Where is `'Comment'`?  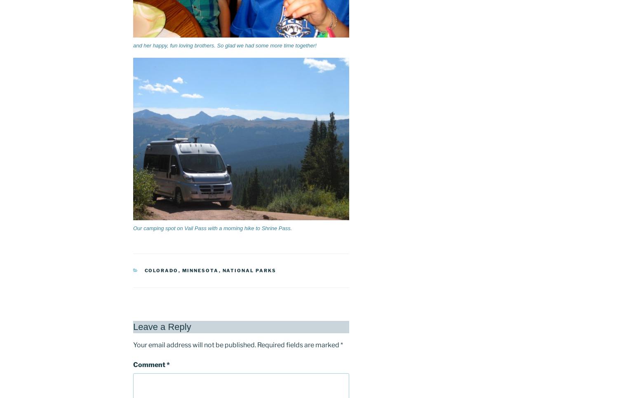
'Comment' is located at coordinates (149, 364).